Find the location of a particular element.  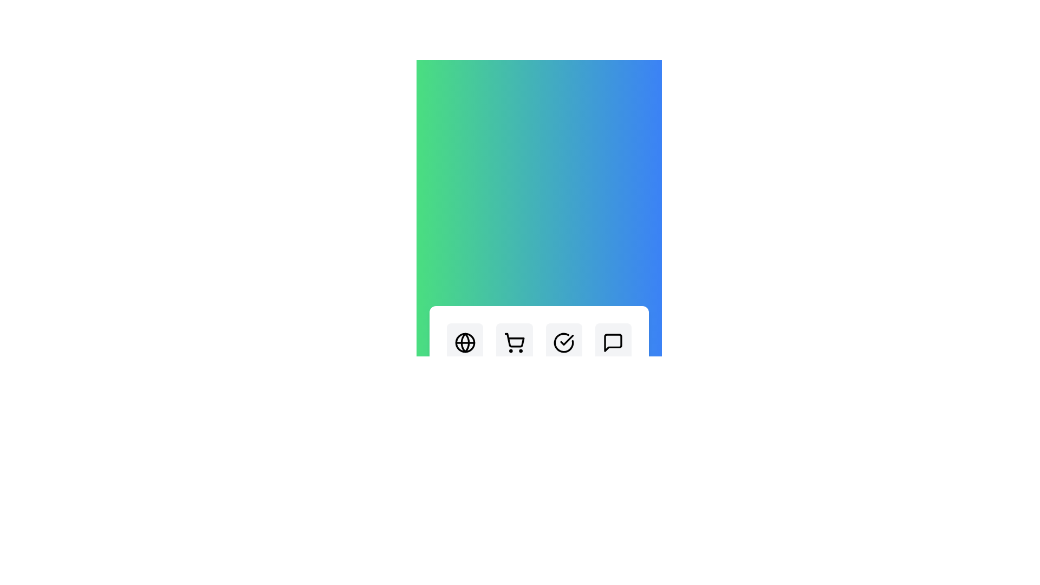

the shopping cart icon, which is the main body of the cart located centrally within a button in the bottom navigation bar, to potentially trigger a tooltip is located at coordinates (514, 340).